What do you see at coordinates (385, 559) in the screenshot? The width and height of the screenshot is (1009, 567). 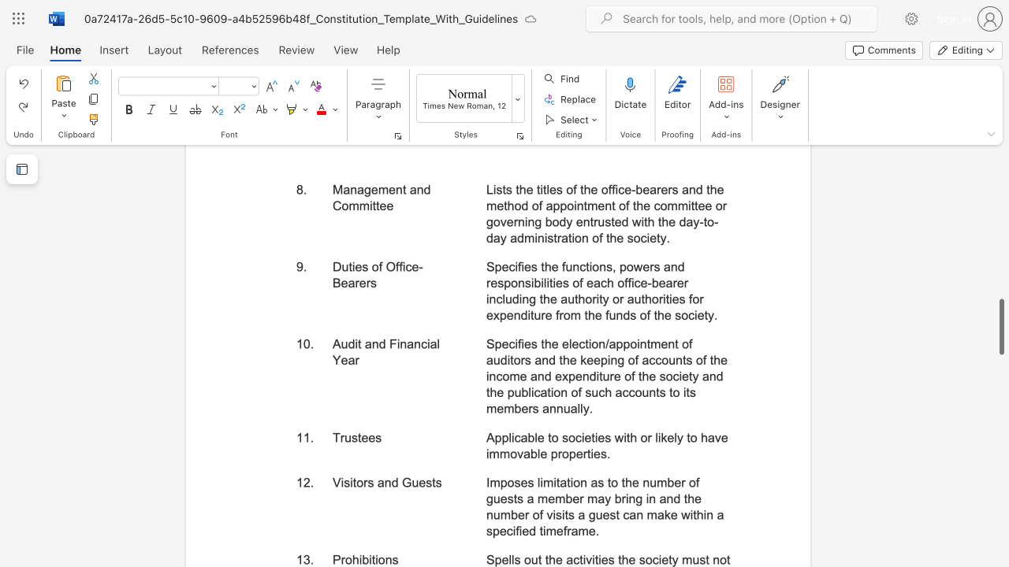 I see `the subset text "ns" within the text "Prohibitions"` at bounding box center [385, 559].